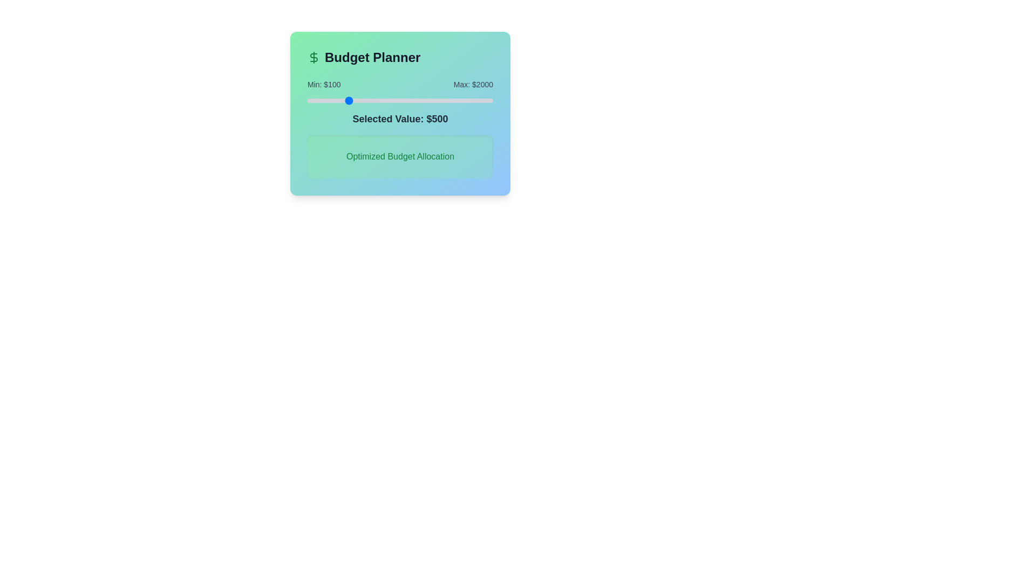  Describe the element at coordinates (475, 100) in the screenshot. I see `the slider to the desired value 1822` at that location.